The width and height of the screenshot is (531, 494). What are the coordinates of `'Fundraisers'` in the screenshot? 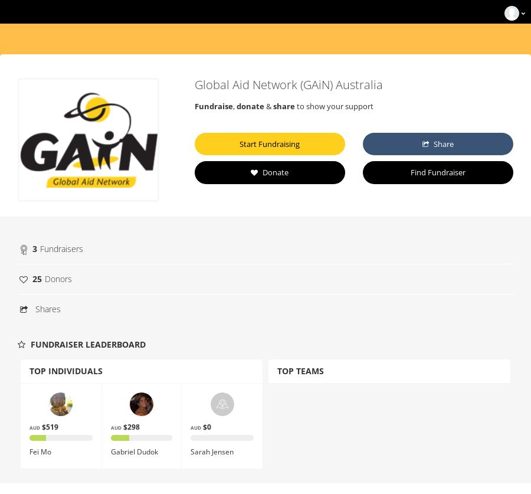 It's located at (61, 248).